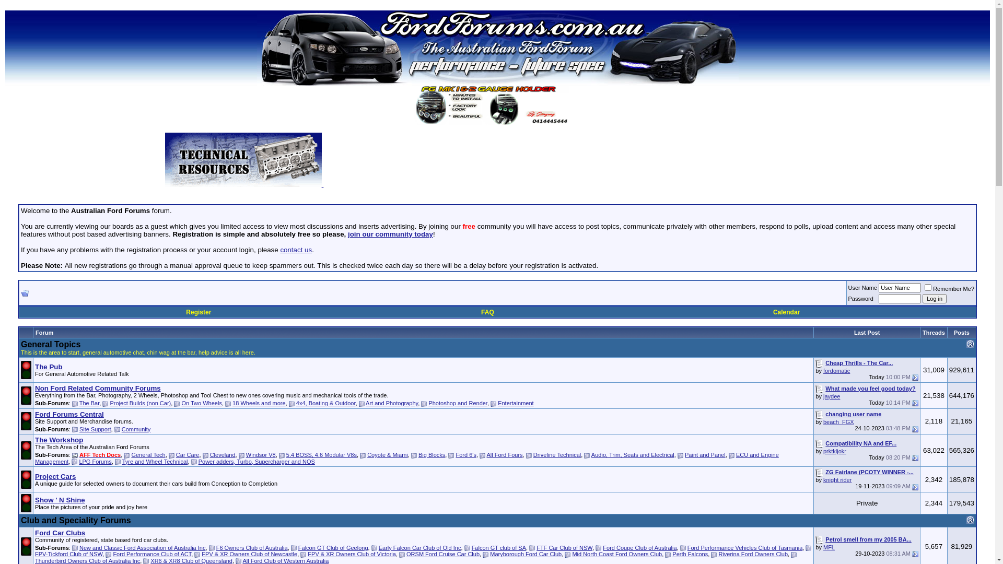  Describe the element at coordinates (837, 479) in the screenshot. I see `'knight rider'` at that location.